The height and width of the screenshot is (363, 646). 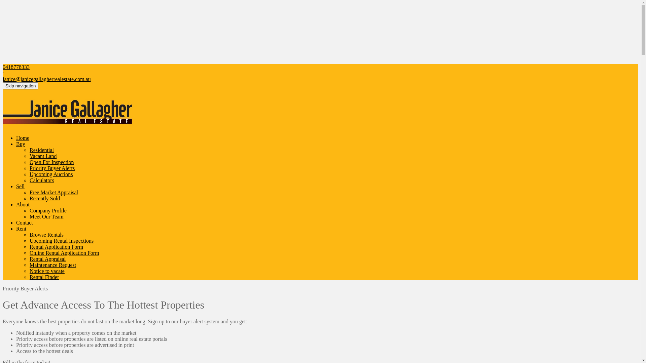 I want to click on '0418778333', so click(x=16, y=67).